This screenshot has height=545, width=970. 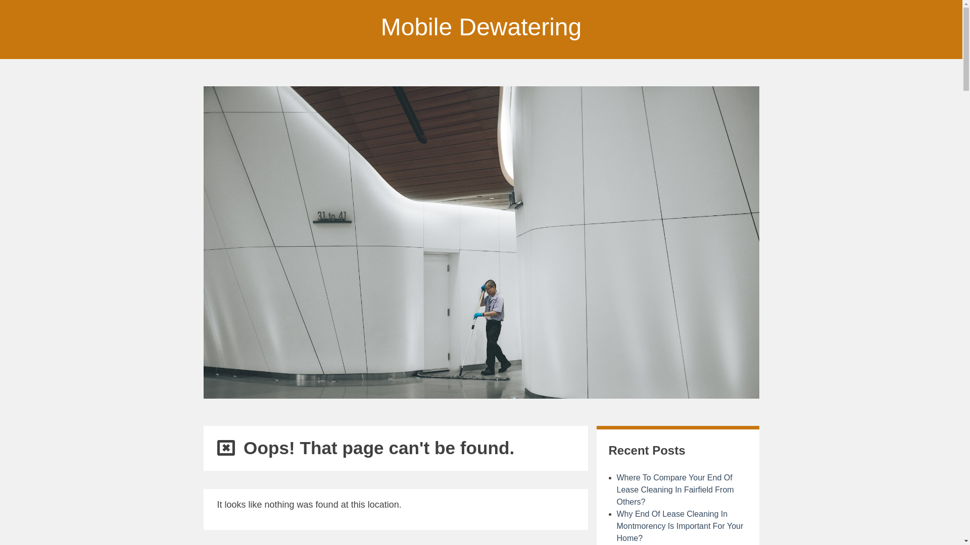 What do you see at coordinates (481, 26) in the screenshot?
I see `'Mobile Dewatering'` at bounding box center [481, 26].